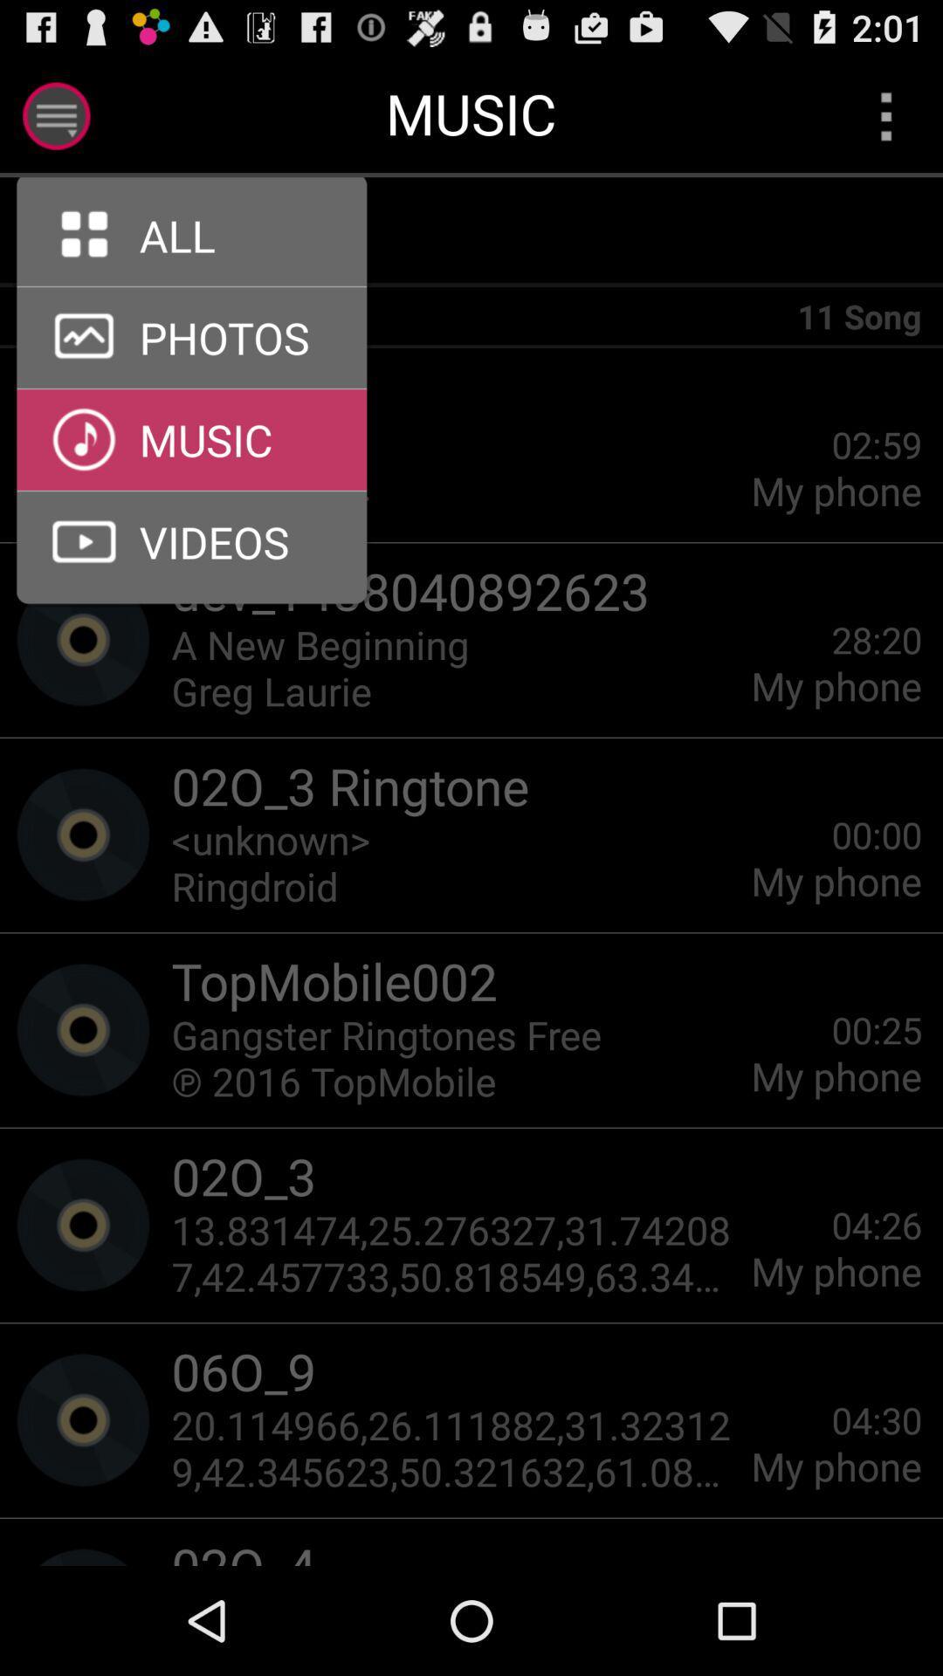  What do you see at coordinates (55, 123) in the screenshot?
I see `the menu icon` at bounding box center [55, 123].